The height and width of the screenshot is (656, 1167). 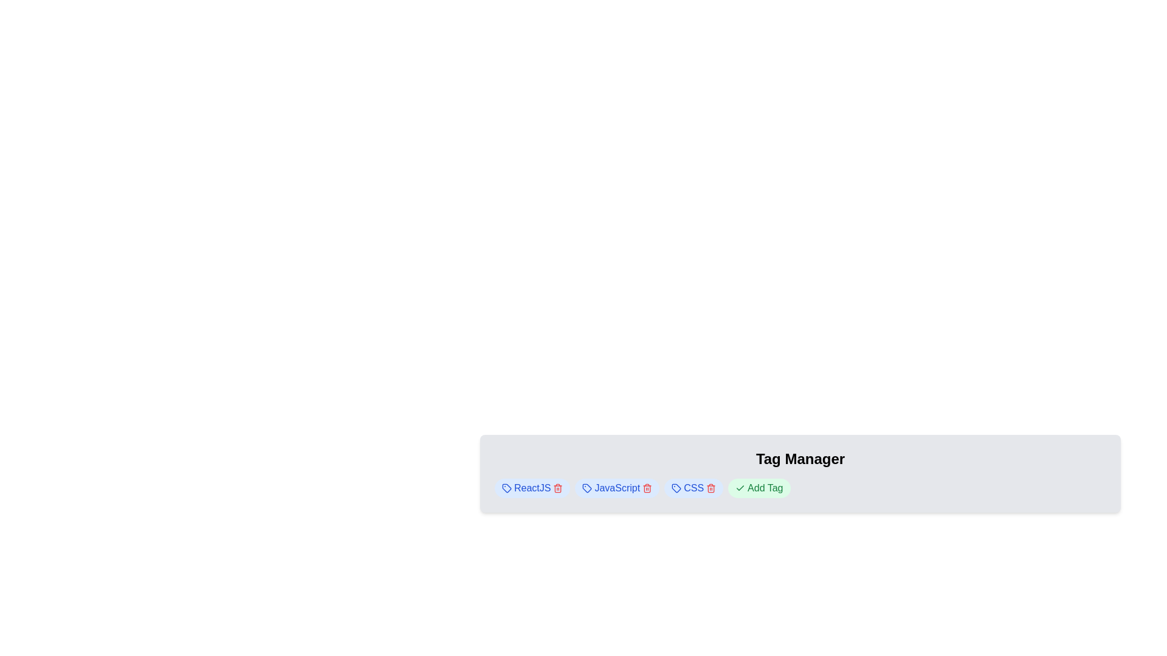 I want to click on SVG icon representing the 'JavaScript' tag within the tag management interface using developer tools, so click(x=587, y=487).